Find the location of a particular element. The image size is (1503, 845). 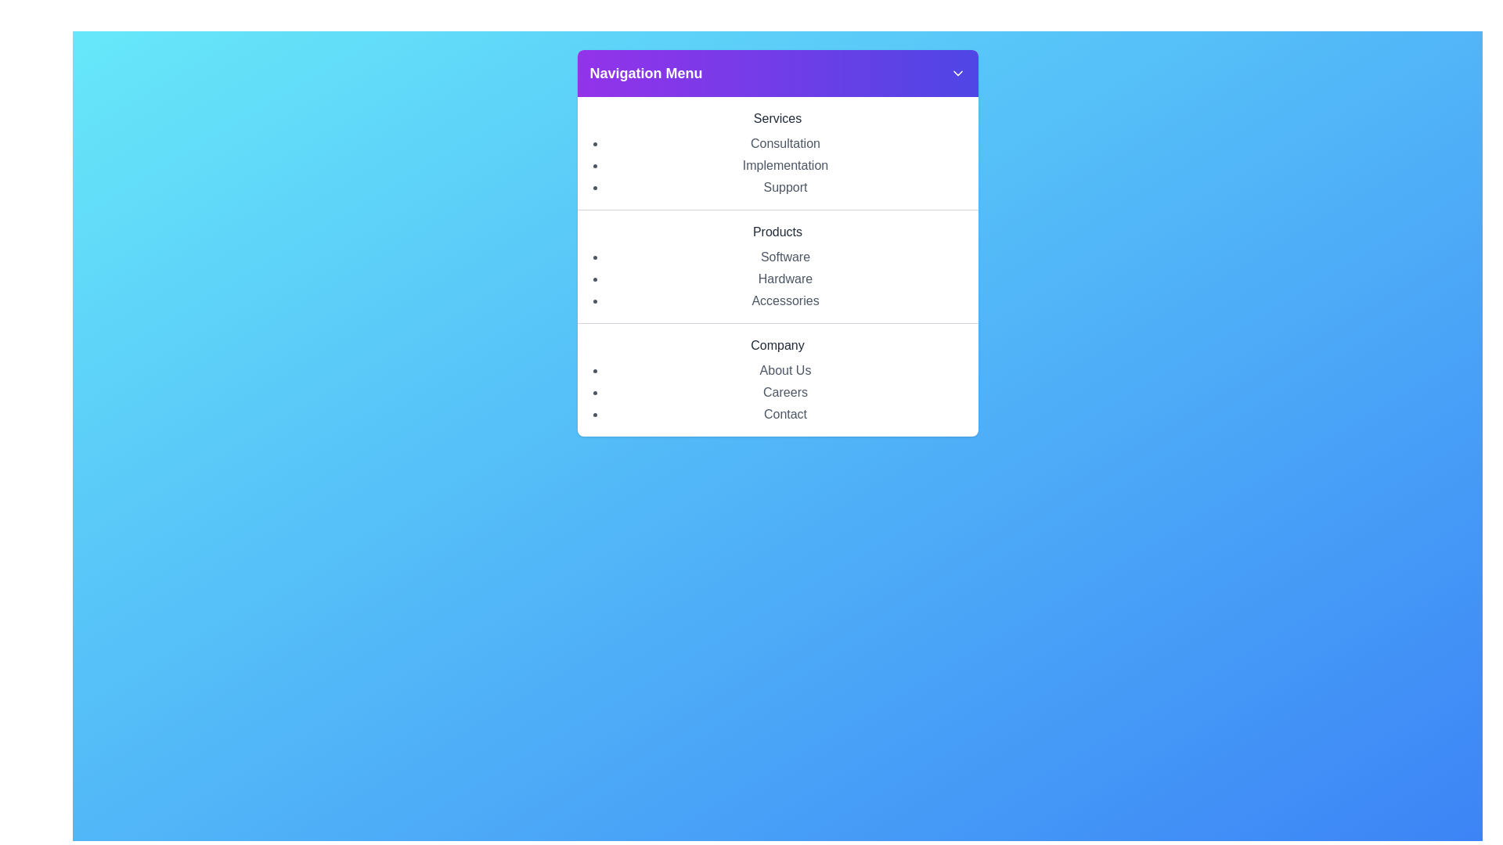

the menu option About Us within the category Company is located at coordinates (785, 371).